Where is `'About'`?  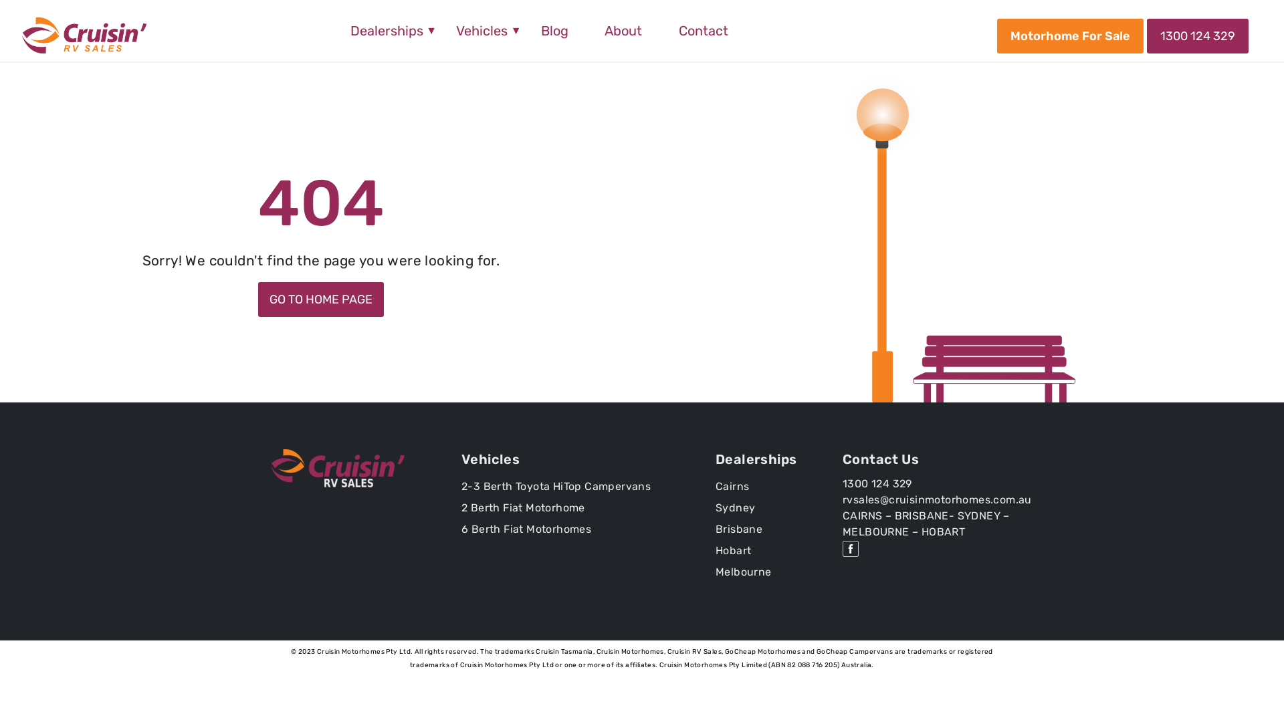 'About' is located at coordinates (622, 30).